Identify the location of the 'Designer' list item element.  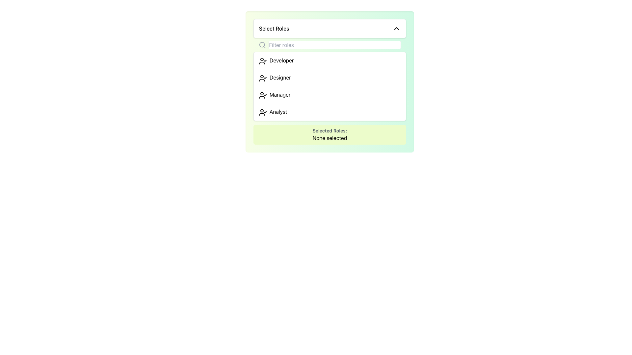
(330, 77).